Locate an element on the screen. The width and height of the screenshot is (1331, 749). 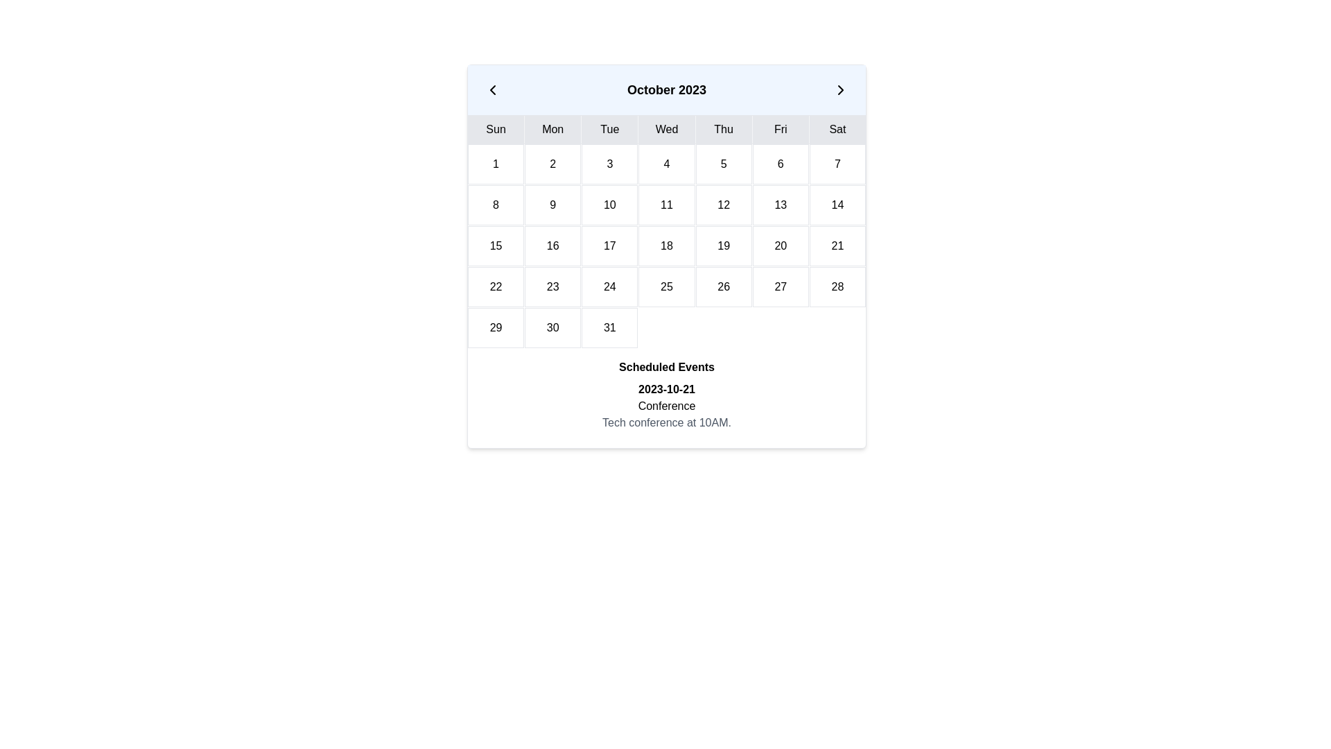
the button that navigates to the previous month in the calendar interface to trigger visual feedback indicating interactivity is located at coordinates (492, 90).